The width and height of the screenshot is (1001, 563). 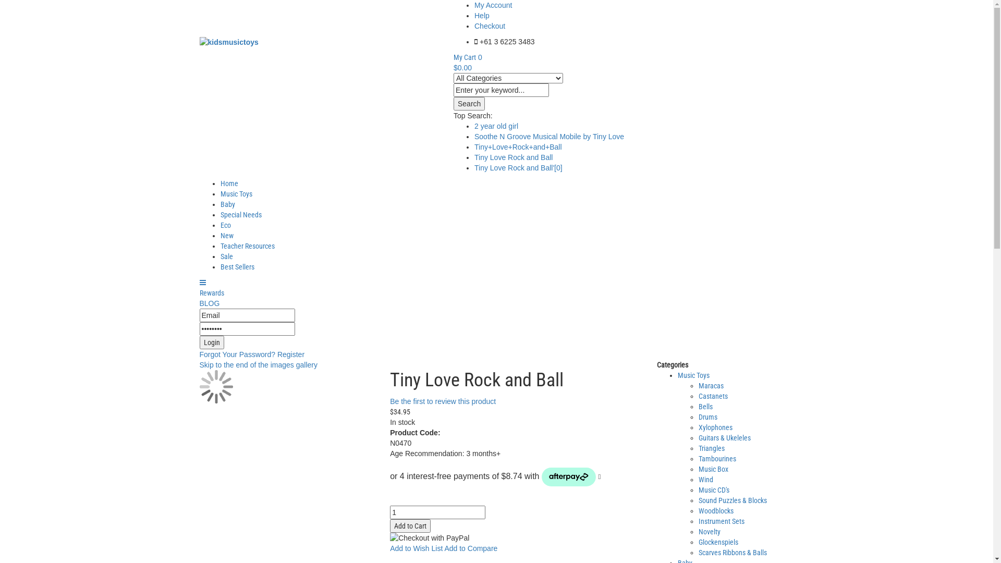 What do you see at coordinates (236, 266) in the screenshot?
I see `'Best Sellers'` at bounding box center [236, 266].